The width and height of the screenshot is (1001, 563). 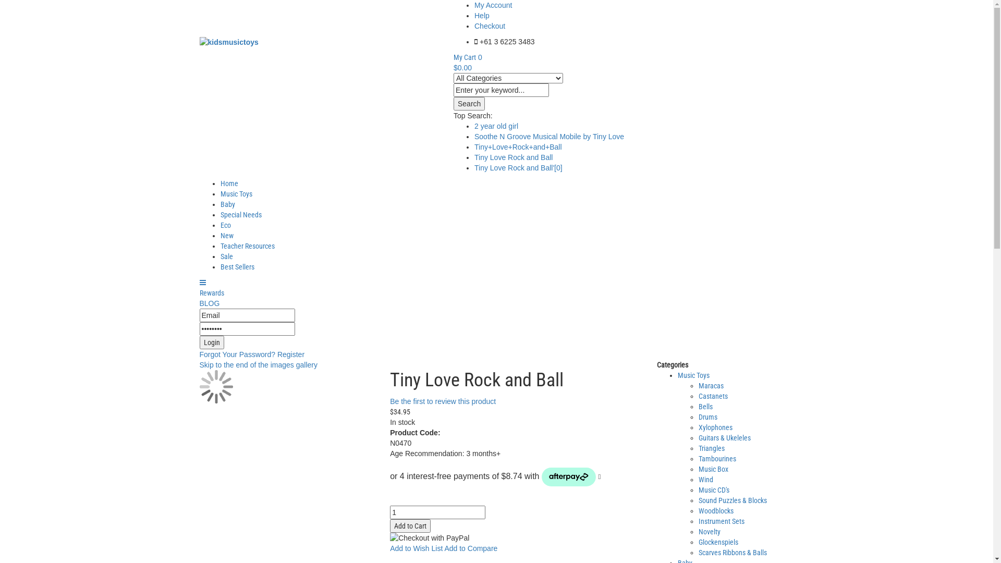 What do you see at coordinates (236, 266) in the screenshot?
I see `'Best Sellers'` at bounding box center [236, 266].